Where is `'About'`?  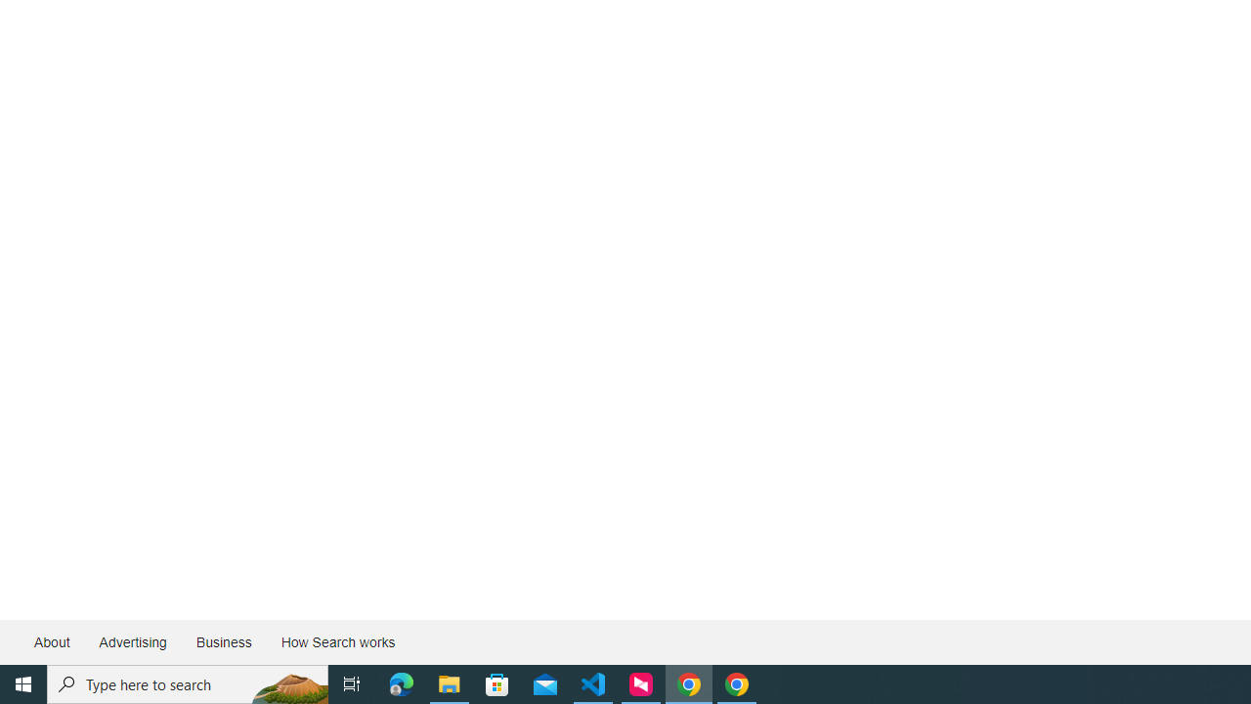 'About' is located at coordinates (52, 642).